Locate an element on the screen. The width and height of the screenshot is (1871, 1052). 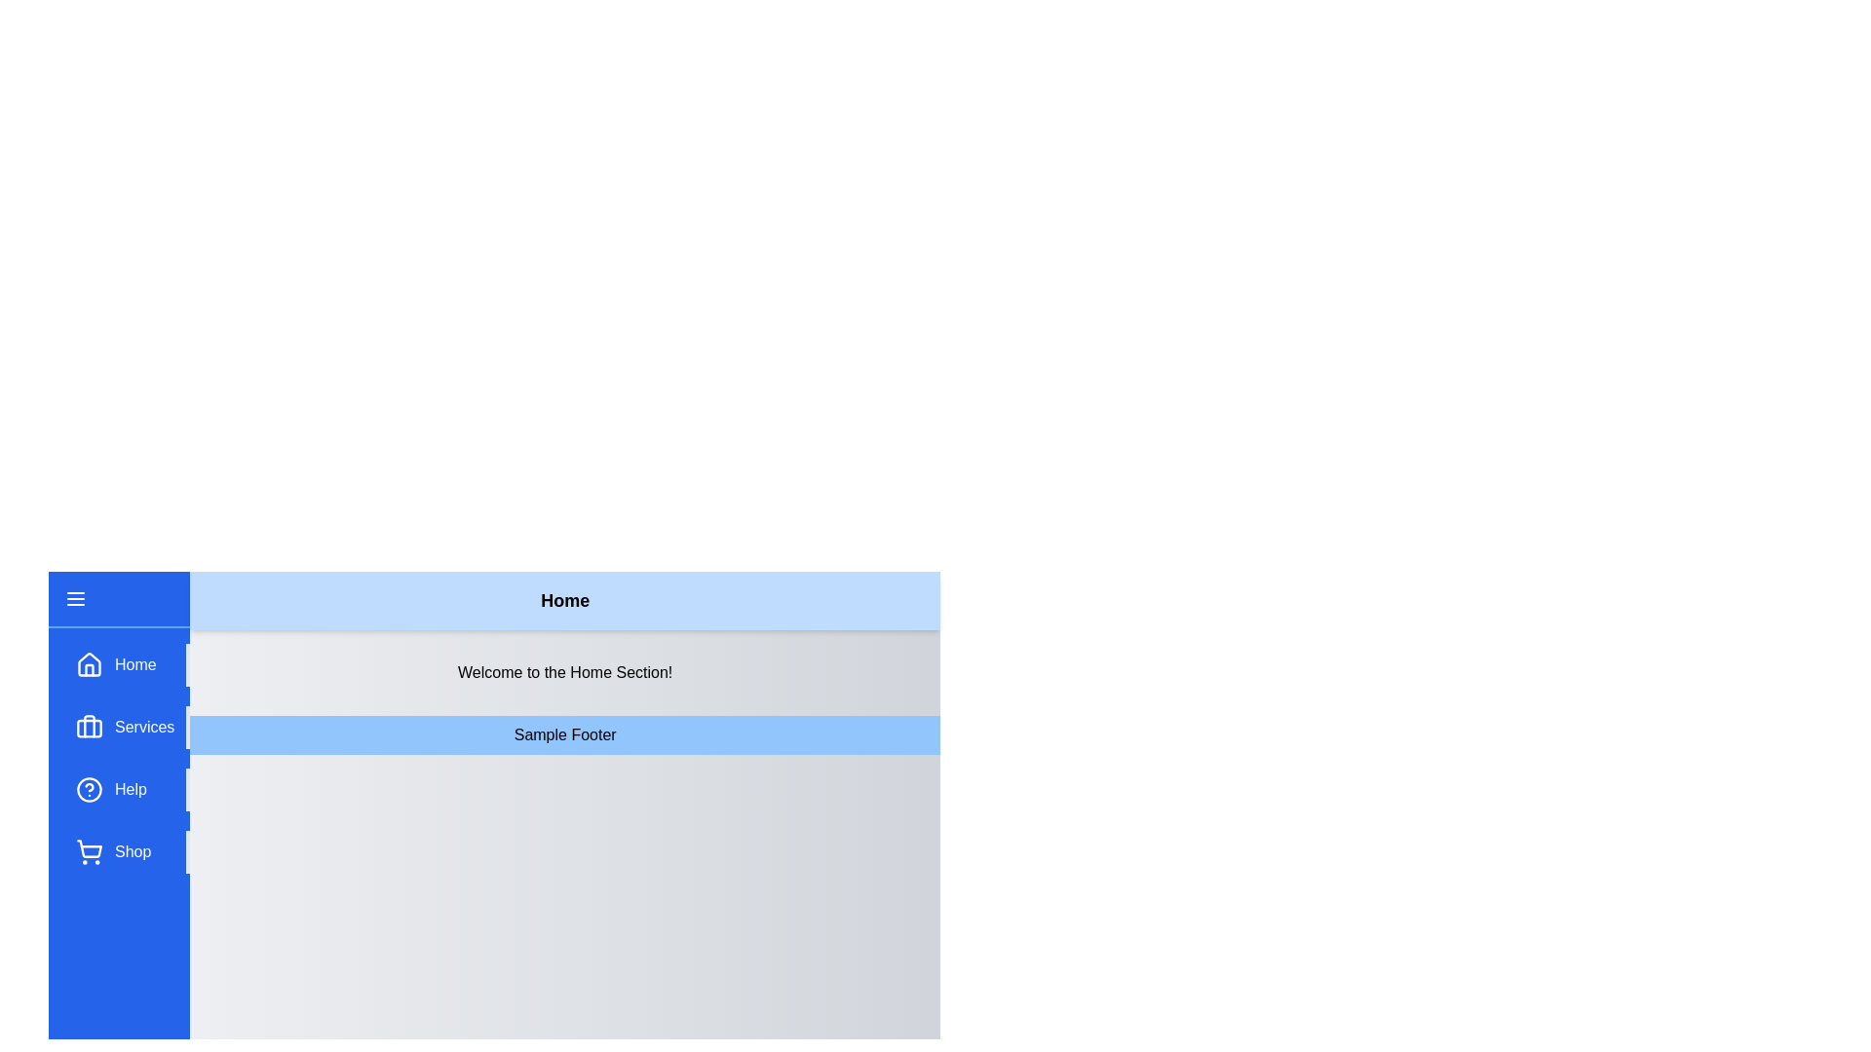
the 'Help' section of the navigation menu located on the left sidebar is located at coordinates (126, 758).